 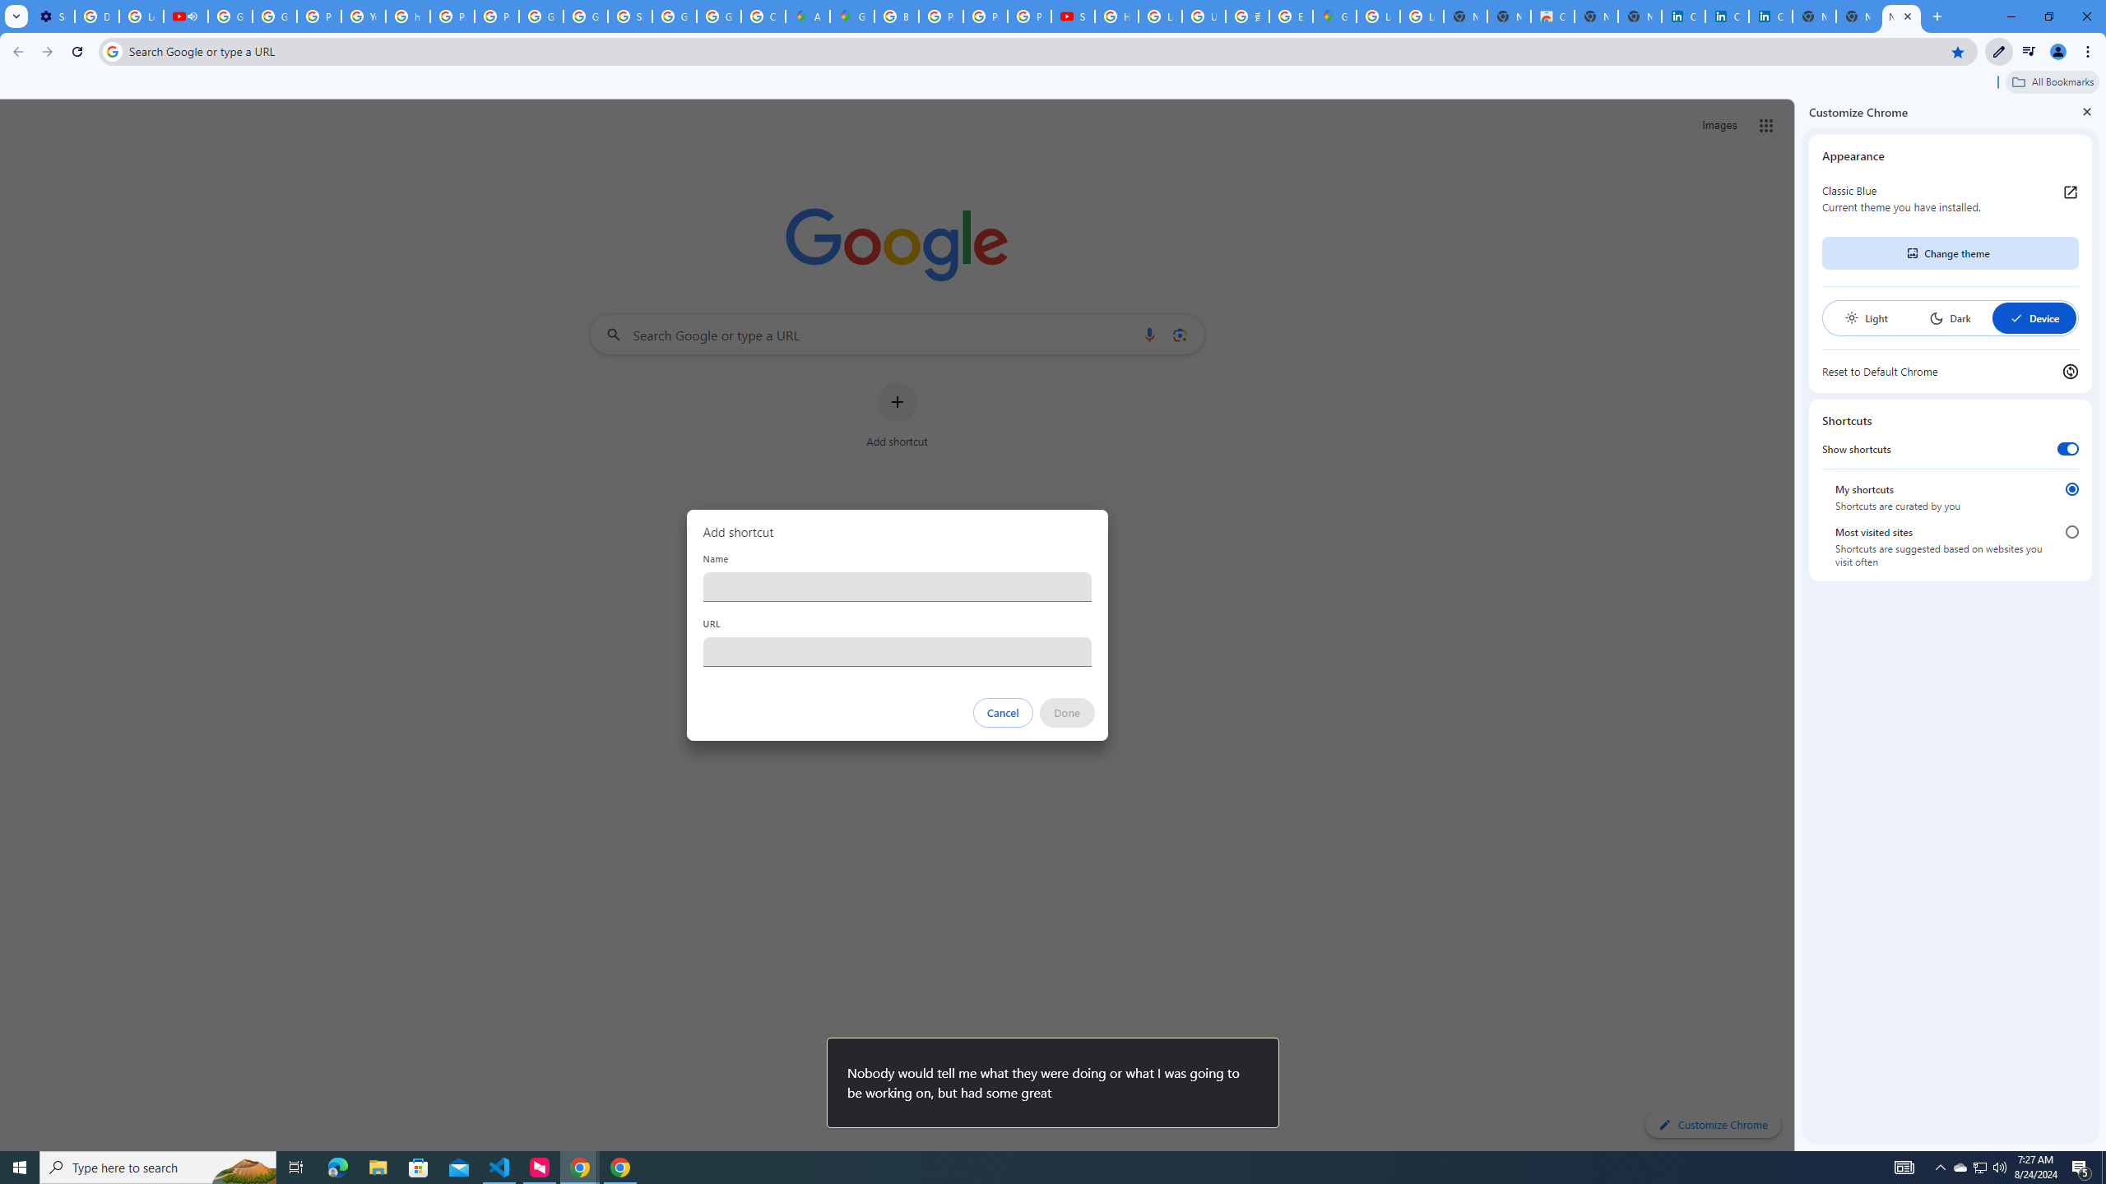 What do you see at coordinates (2016, 317) in the screenshot?
I see `'AutomationID: baseSvg'` at bounding box center [2016, 317].